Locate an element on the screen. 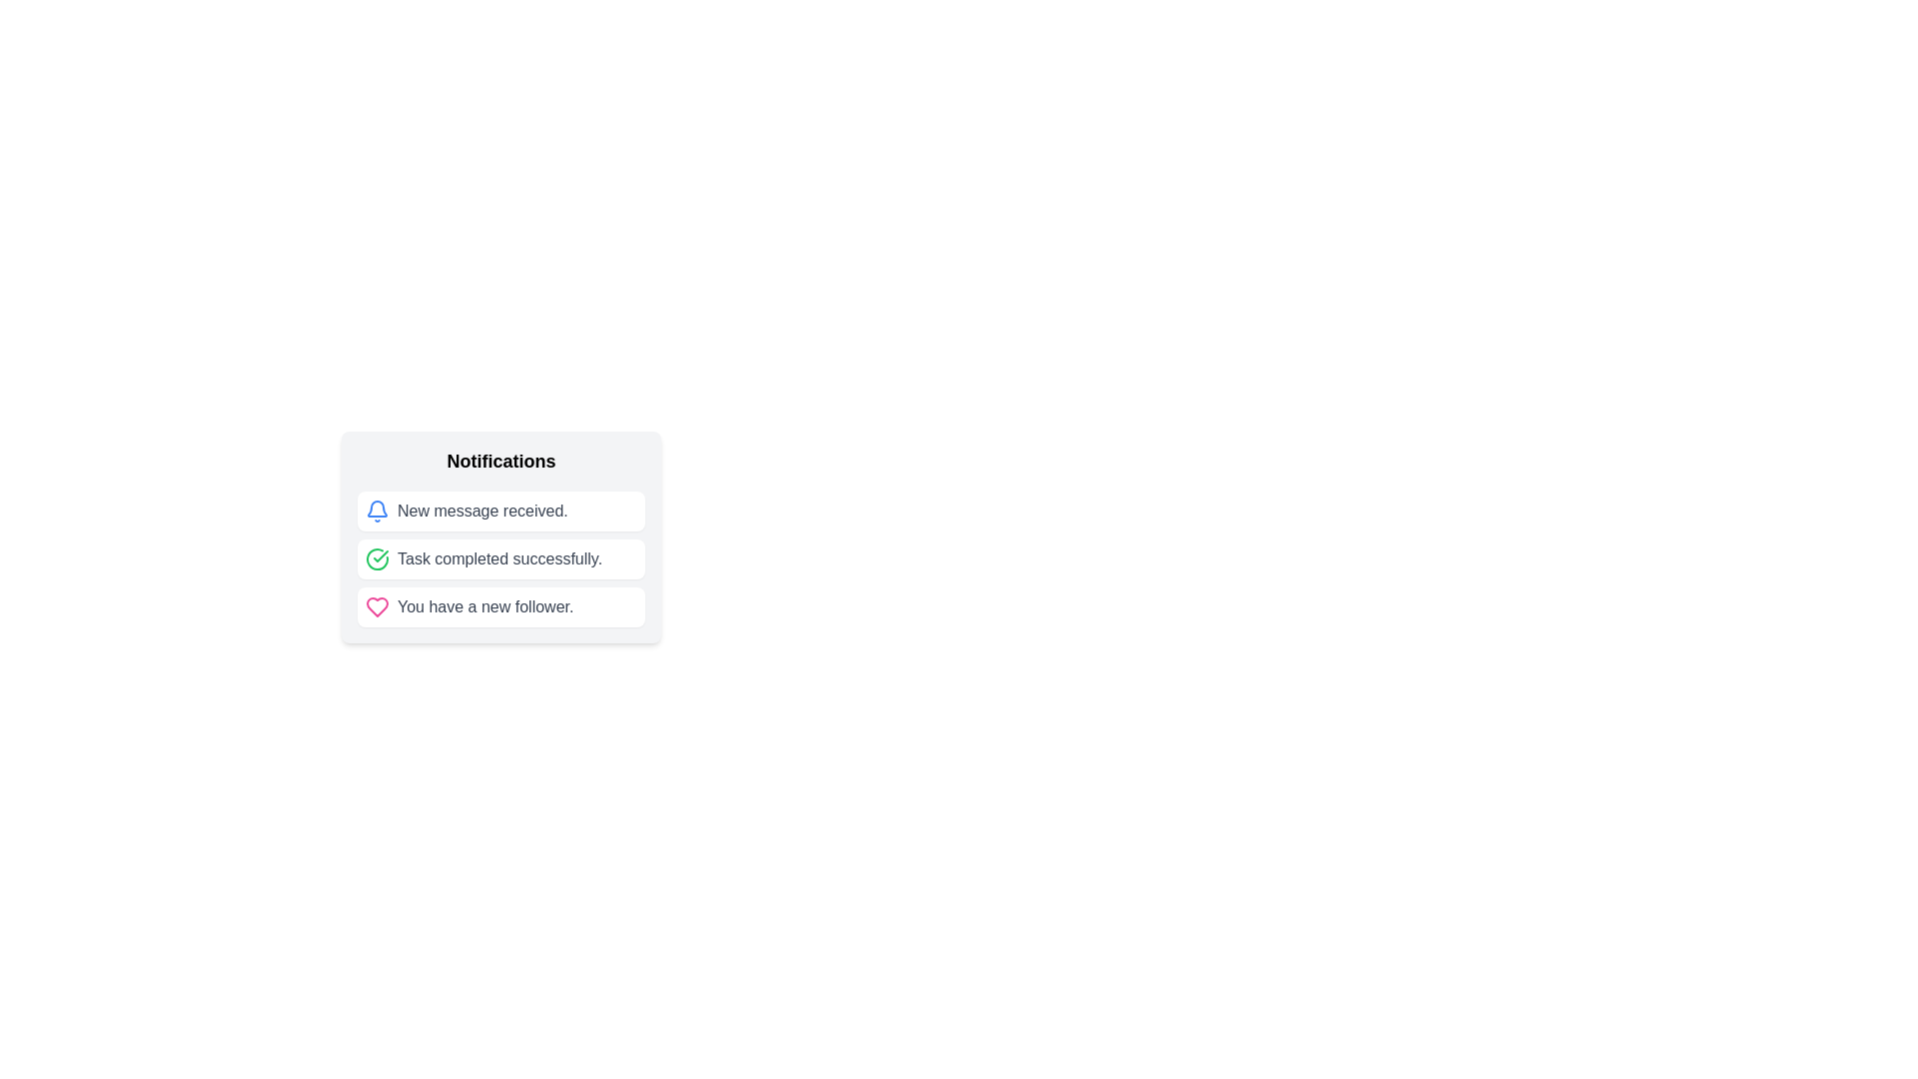 Image resolution: width=1918 pixels, height=1079 pixels. the notification icon located at the top of the notification content section, which serves as a visual indicator for notifications is located at coordinates (378, 508).